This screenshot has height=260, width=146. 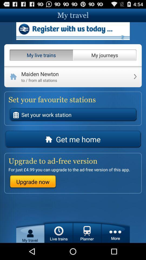 What do you see at coordinates (73, 31) in the screenshot?
I see `register quick link for sign up` at bounding box center [73, 31].